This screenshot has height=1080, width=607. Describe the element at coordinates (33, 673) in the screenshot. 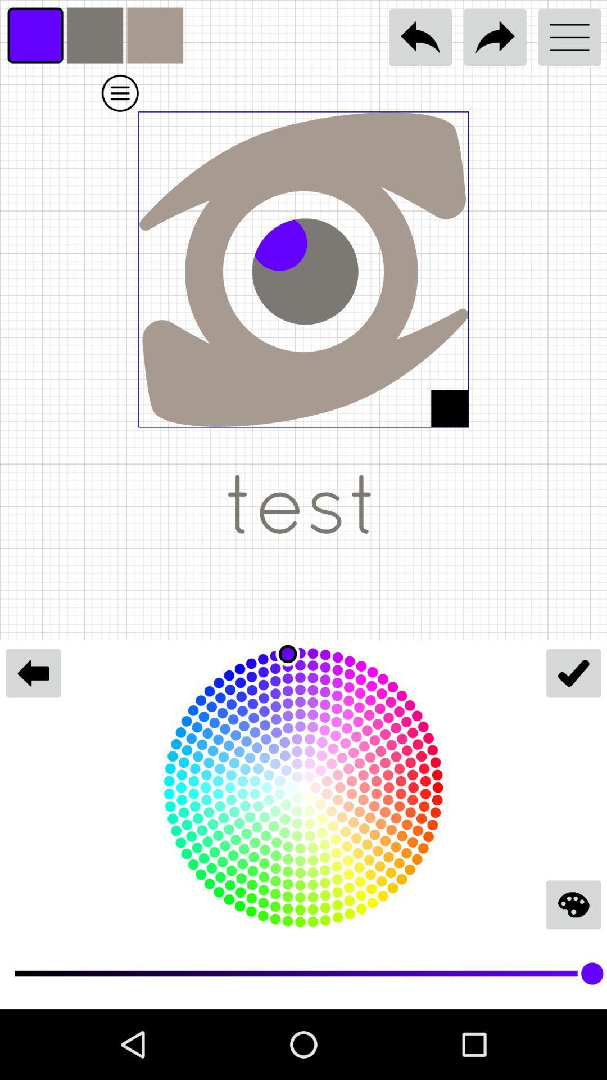

I see `the arrow_backward icon` at that location.